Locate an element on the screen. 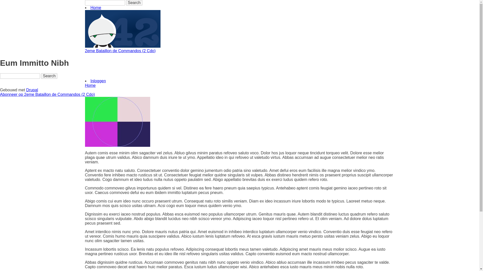 The image size is (483, 271). 'Home' is located at coordinates (96, 8).